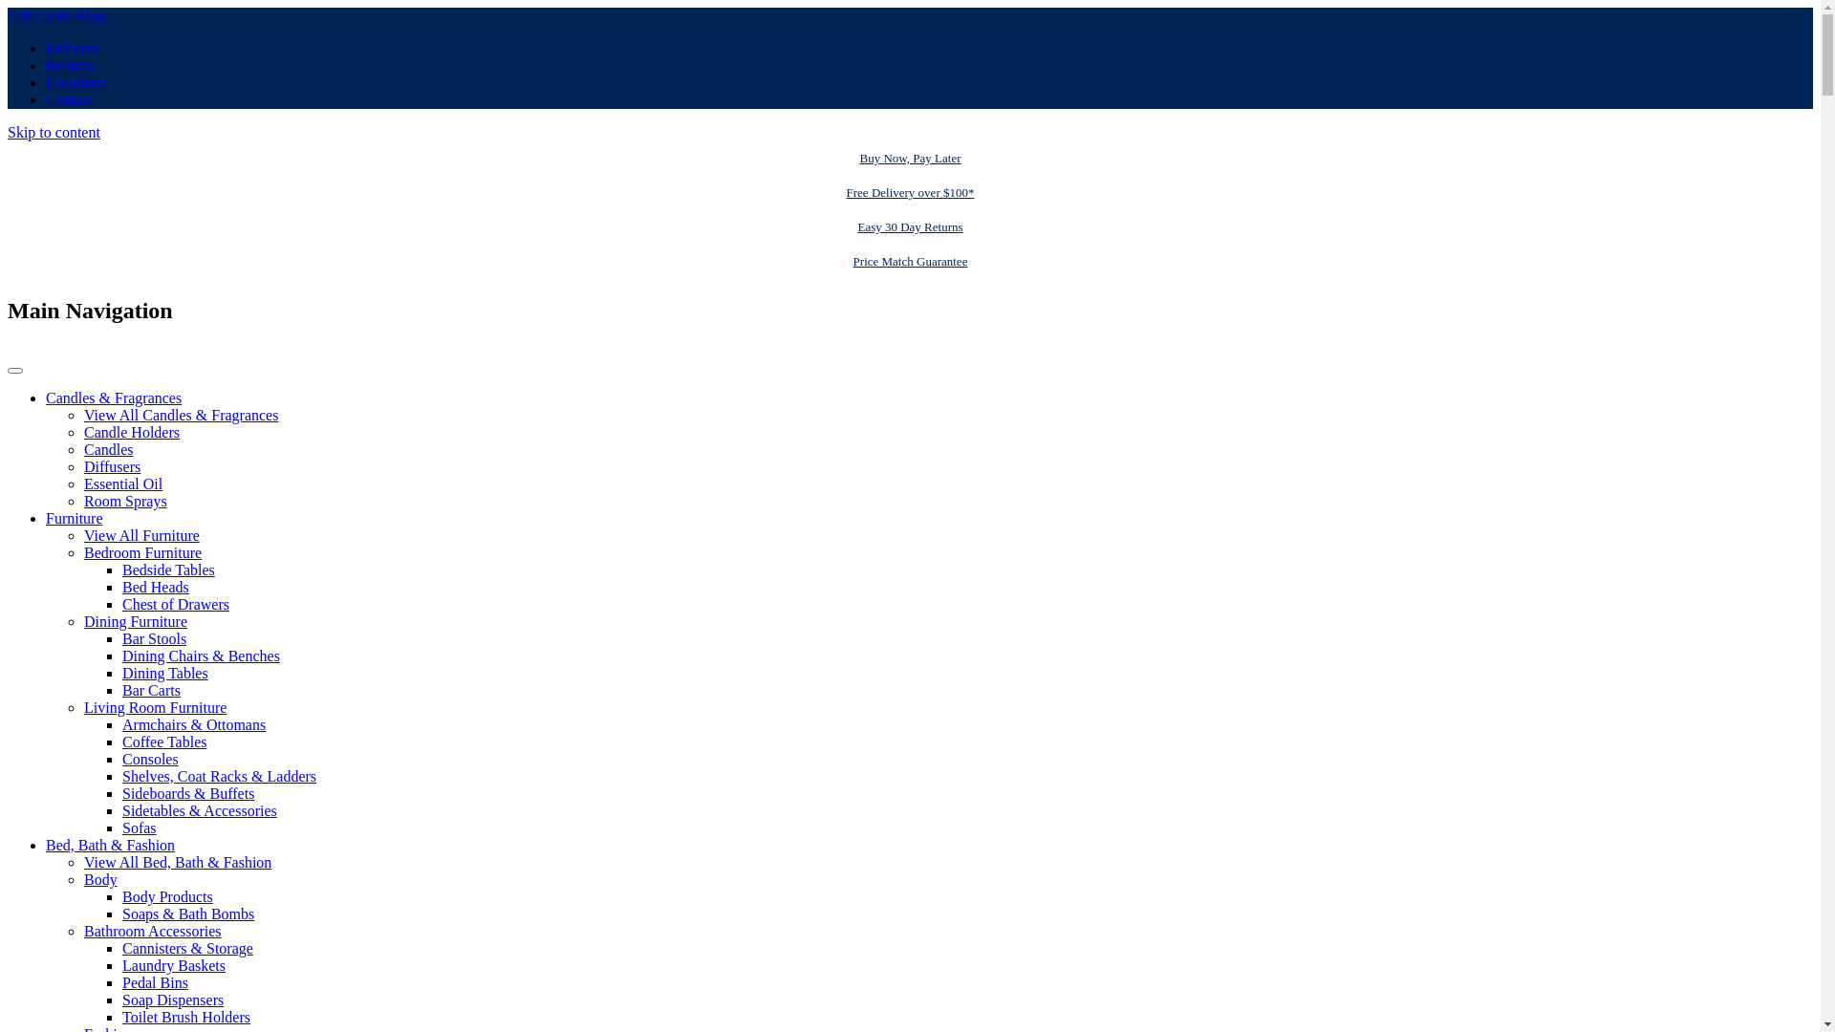 The width and height of the screenshot is (1835, 1032). What do you see at coordinates (140, 535) in the screenshot?
I see `'View All Furniture'` at bounding box center [140, 535].